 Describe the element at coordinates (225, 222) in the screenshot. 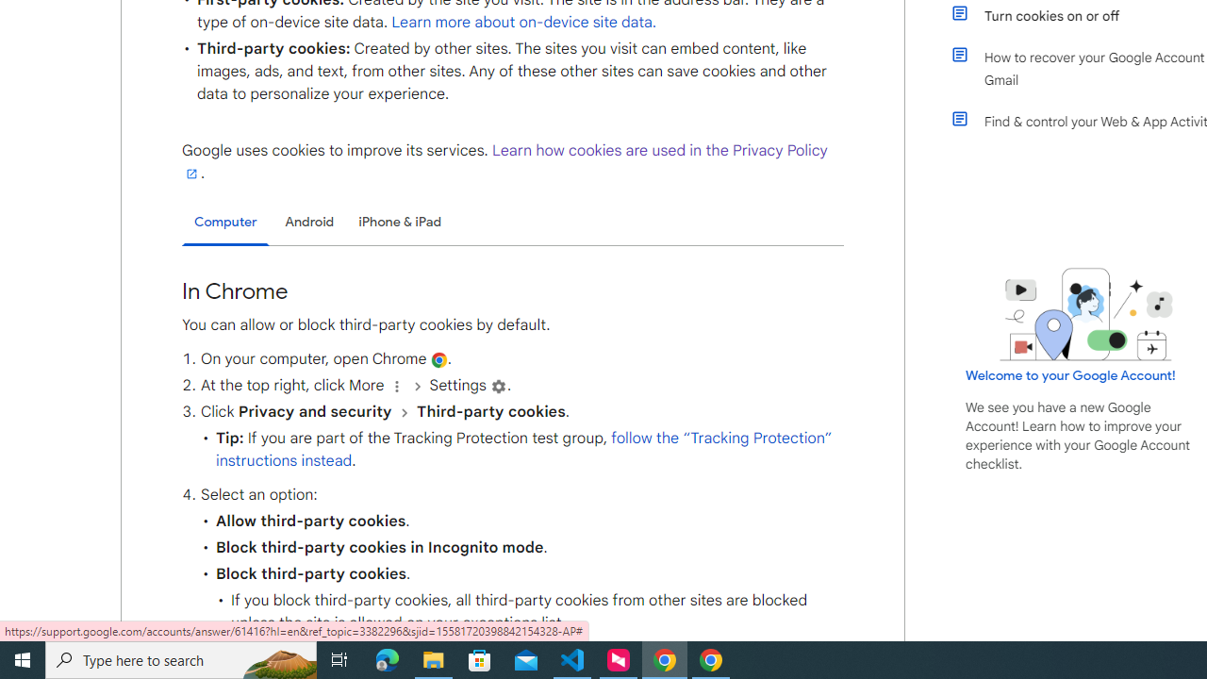

I see `'Computer'` at that location.